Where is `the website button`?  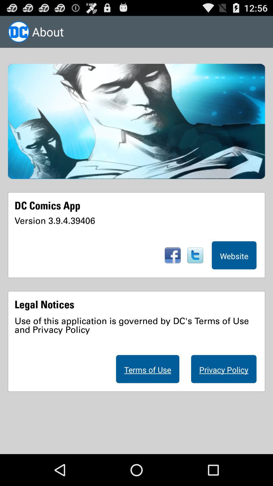 the website button is located at coordinates (234, 255).